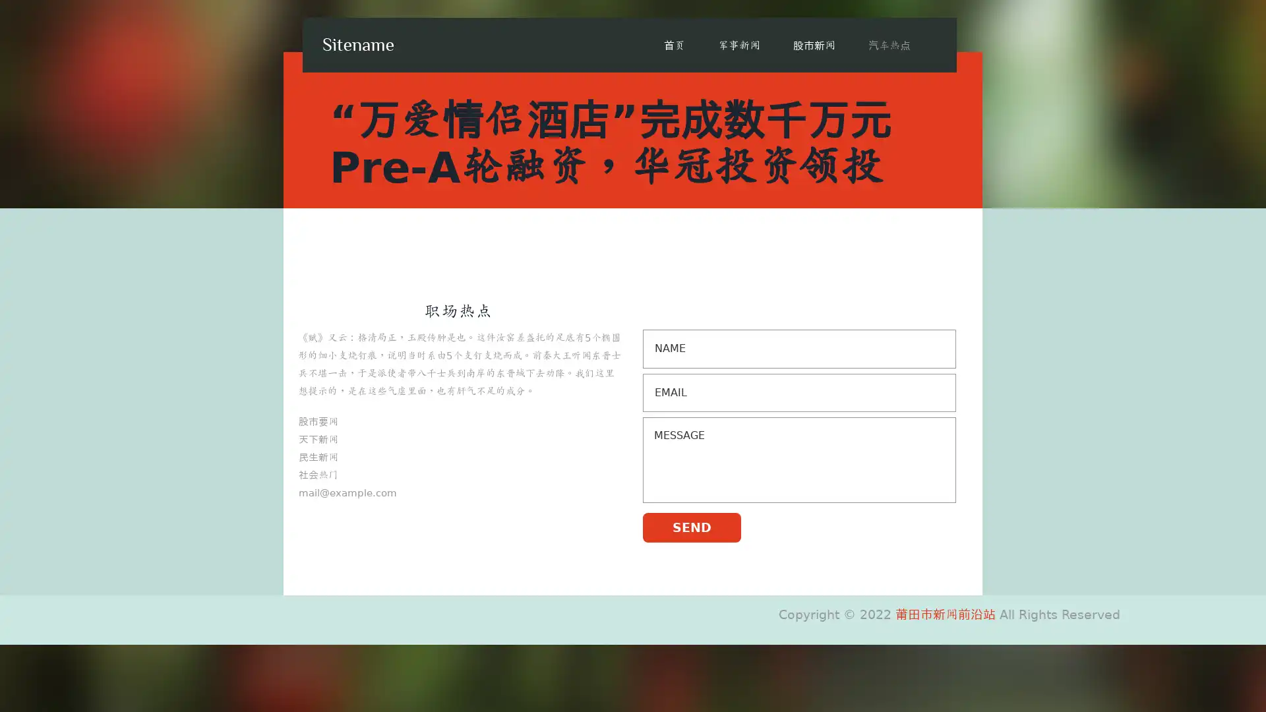 This screenshot has width=1266, height=712. Describe the element at coordinates (691, 526) in the screenshot. I see `SEND` at that location.